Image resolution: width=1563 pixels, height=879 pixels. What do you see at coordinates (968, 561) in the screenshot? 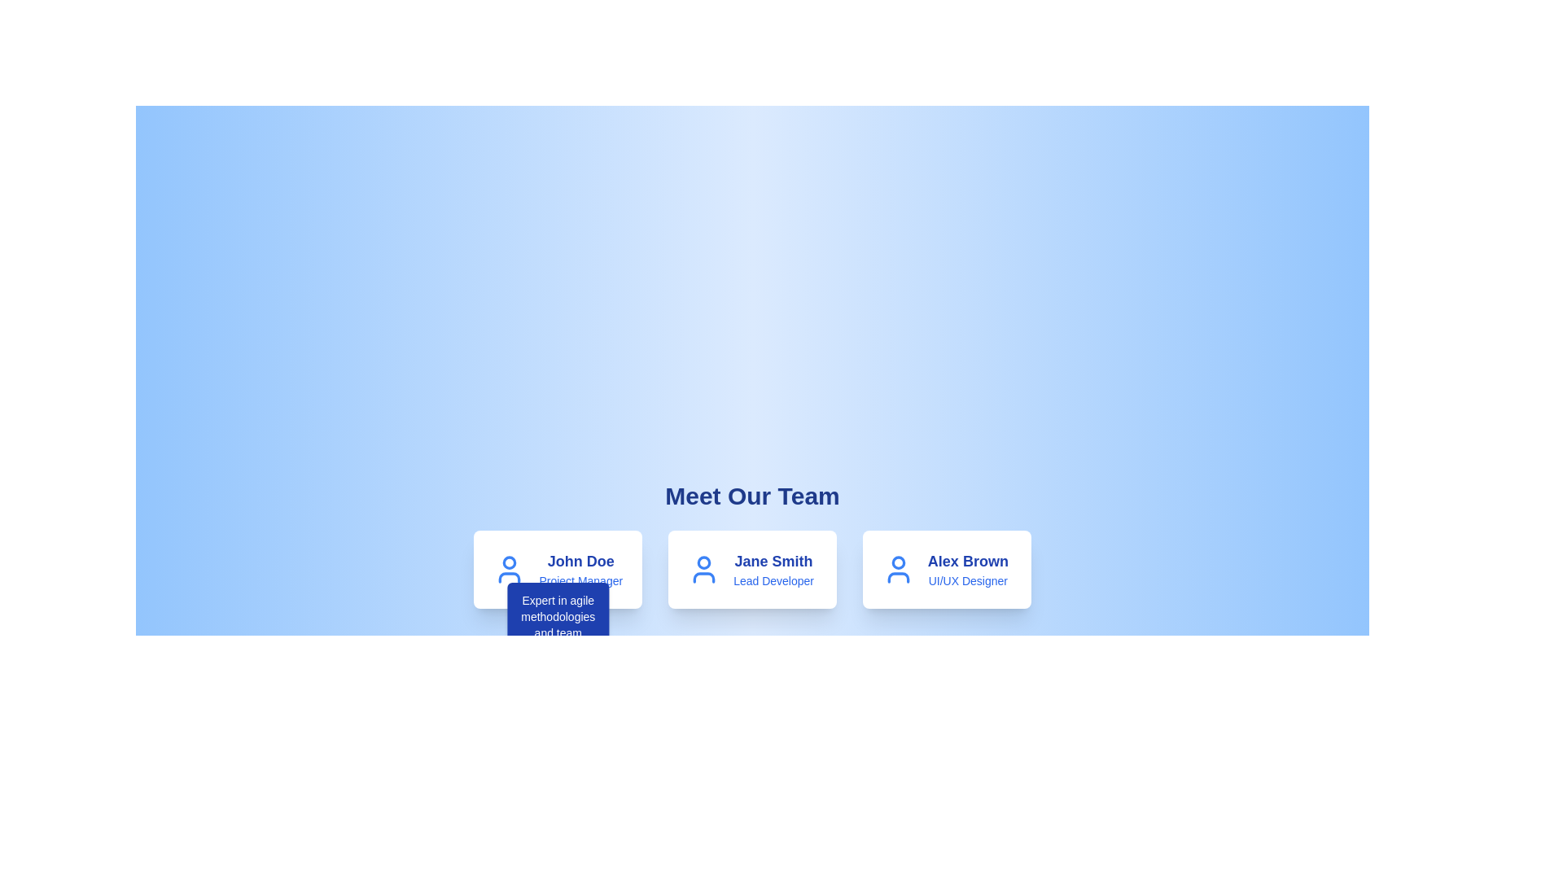
I see `the text element displaying 'Alex Brown' in bold blue font, located at the top of the user information card` at bounding box center [968, 561].